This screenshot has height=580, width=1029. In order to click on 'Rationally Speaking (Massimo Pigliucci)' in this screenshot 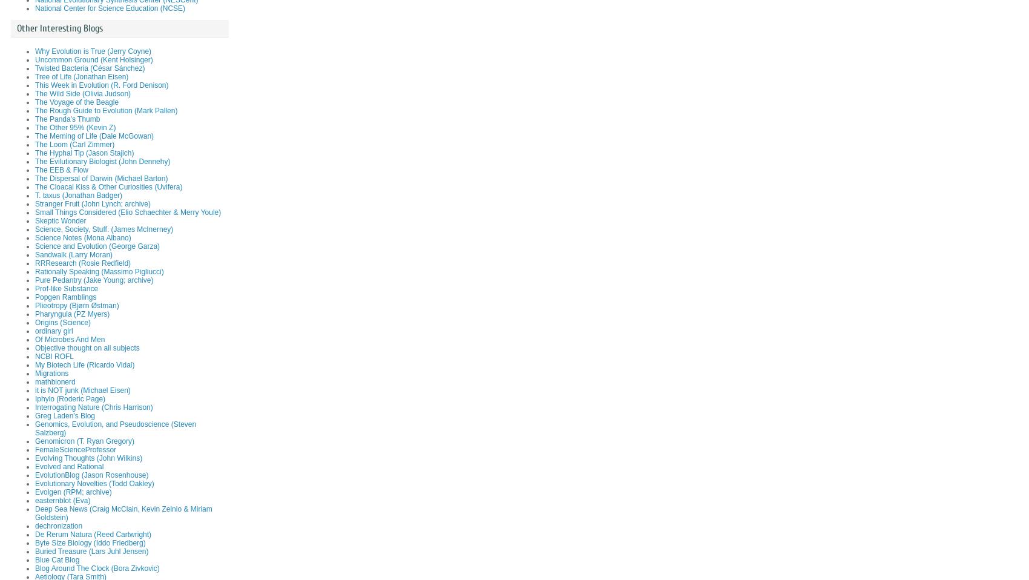, I will do `click(99, 272)`.